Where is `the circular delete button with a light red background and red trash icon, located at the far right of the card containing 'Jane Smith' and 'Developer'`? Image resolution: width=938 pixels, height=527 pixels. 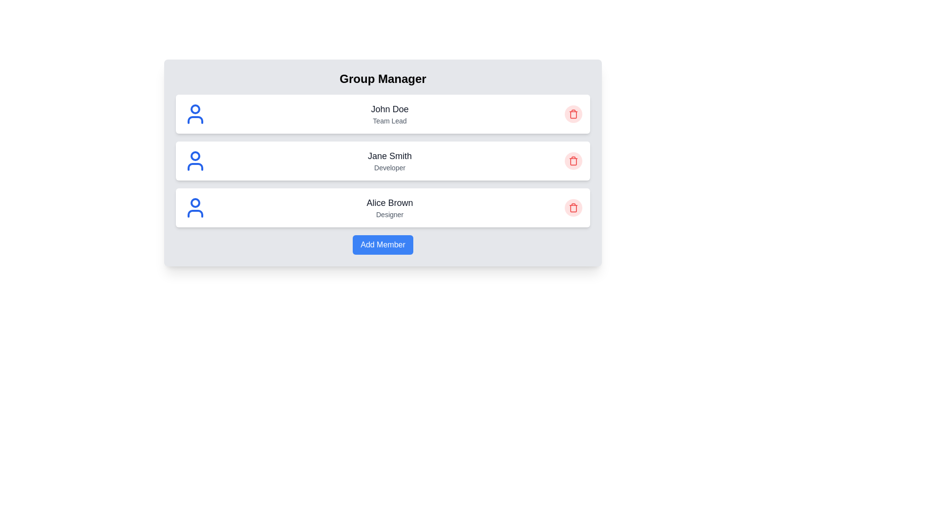 the circular delete button with a light red background and red trash icon, located at the far right of the card containing 'Jane Smith' and 'Developer' is located at coordinates (574, 161).